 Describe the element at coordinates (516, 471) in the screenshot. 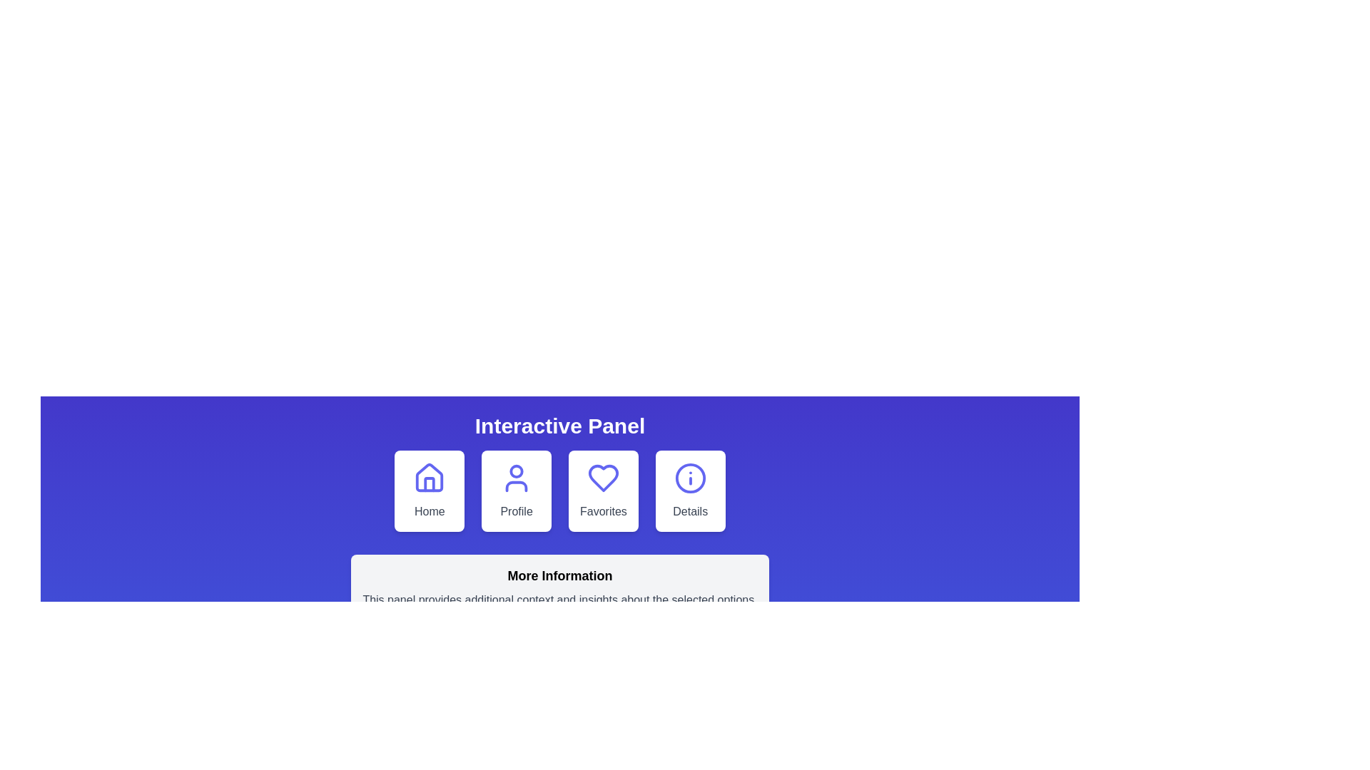

I see `the decorative SVG Circle that is part of the profile icon, located at the center of the profile card` at that location.